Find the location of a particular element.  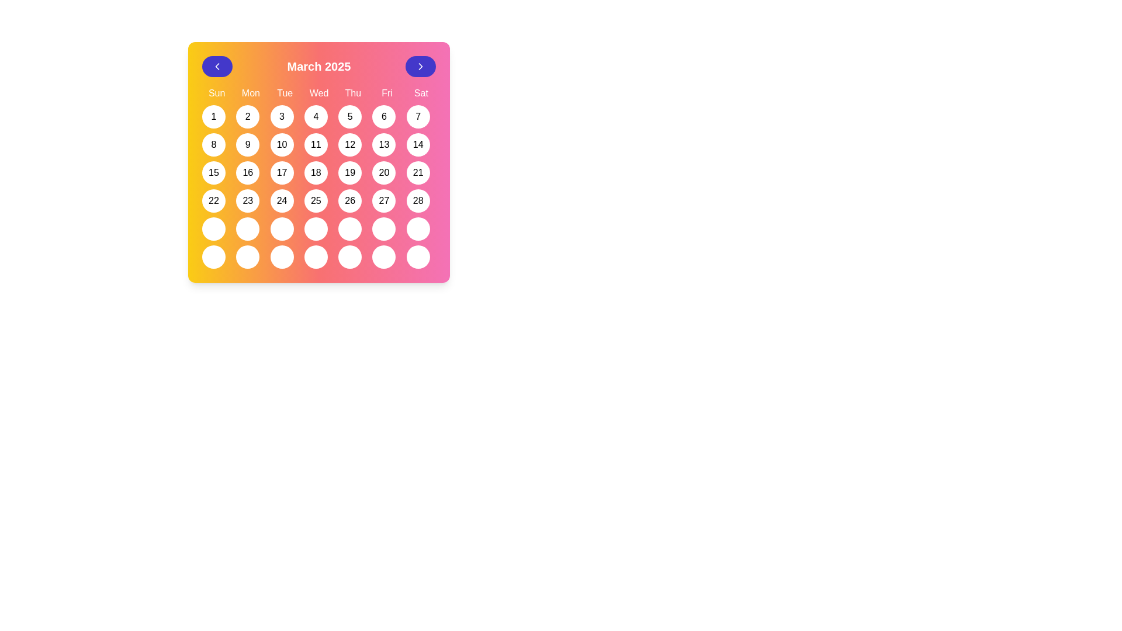

the button representing the 7th day of the month in the calendar interface, located under the 'Sat' column is located at coordinates (418, 117).